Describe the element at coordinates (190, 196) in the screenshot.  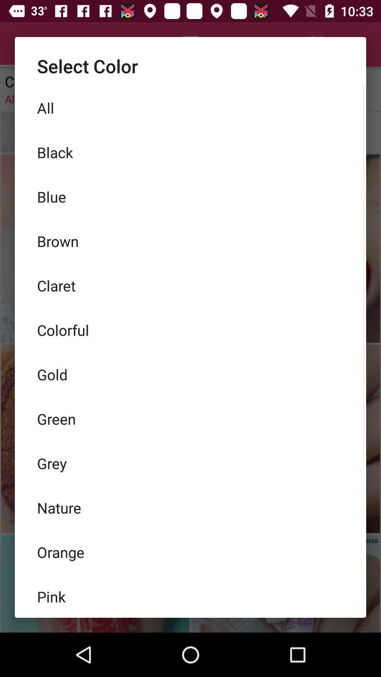
I see `item above the brown item` at that location.